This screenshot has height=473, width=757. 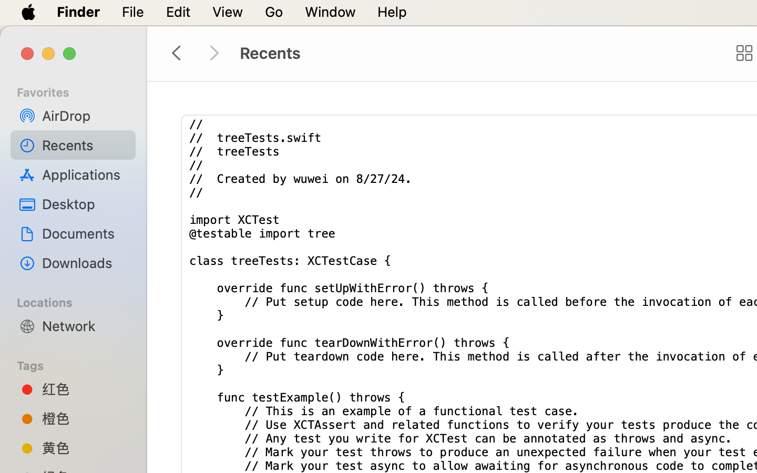 What do you see at coordinates (84, 448) in the screenshot?
I see `'黄色'` at bounding box center [84, 448].